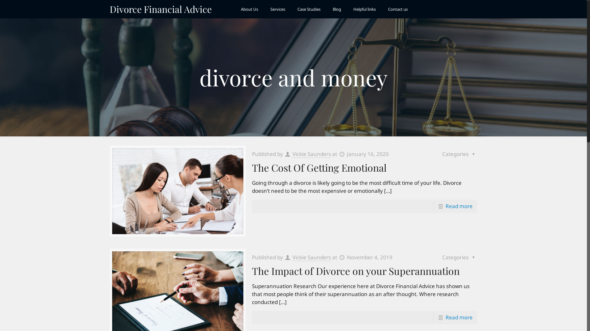 The image size is (590, 331). What do you see at coordinates (161, 9) in the screenshot?
I see `'Divorce Financial Advice'` at bounding box center [161, 9].